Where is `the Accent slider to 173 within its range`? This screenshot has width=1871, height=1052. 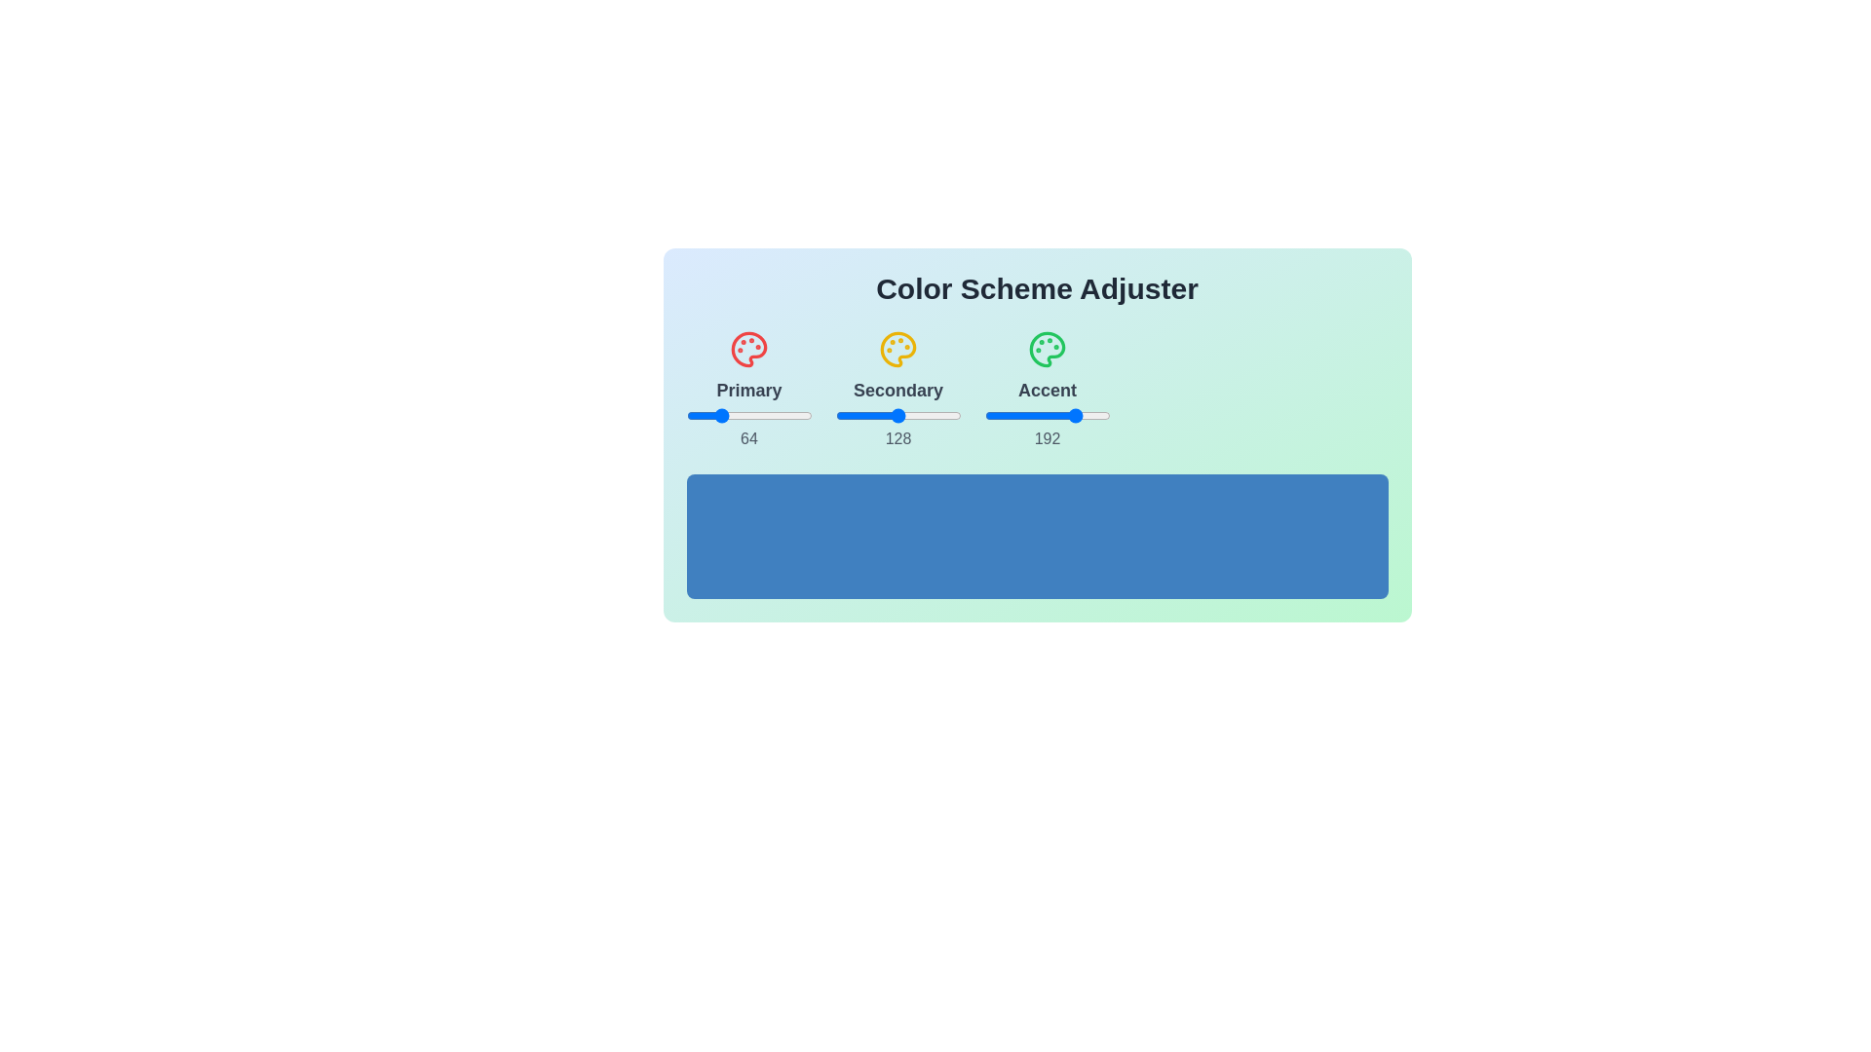
the Accent slider to 173 within its range is located at coordinates (1069, 415).